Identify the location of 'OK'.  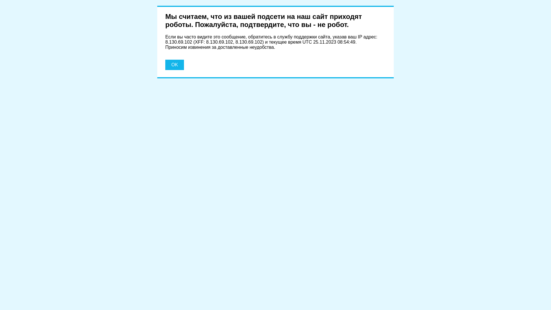
(174, 65).